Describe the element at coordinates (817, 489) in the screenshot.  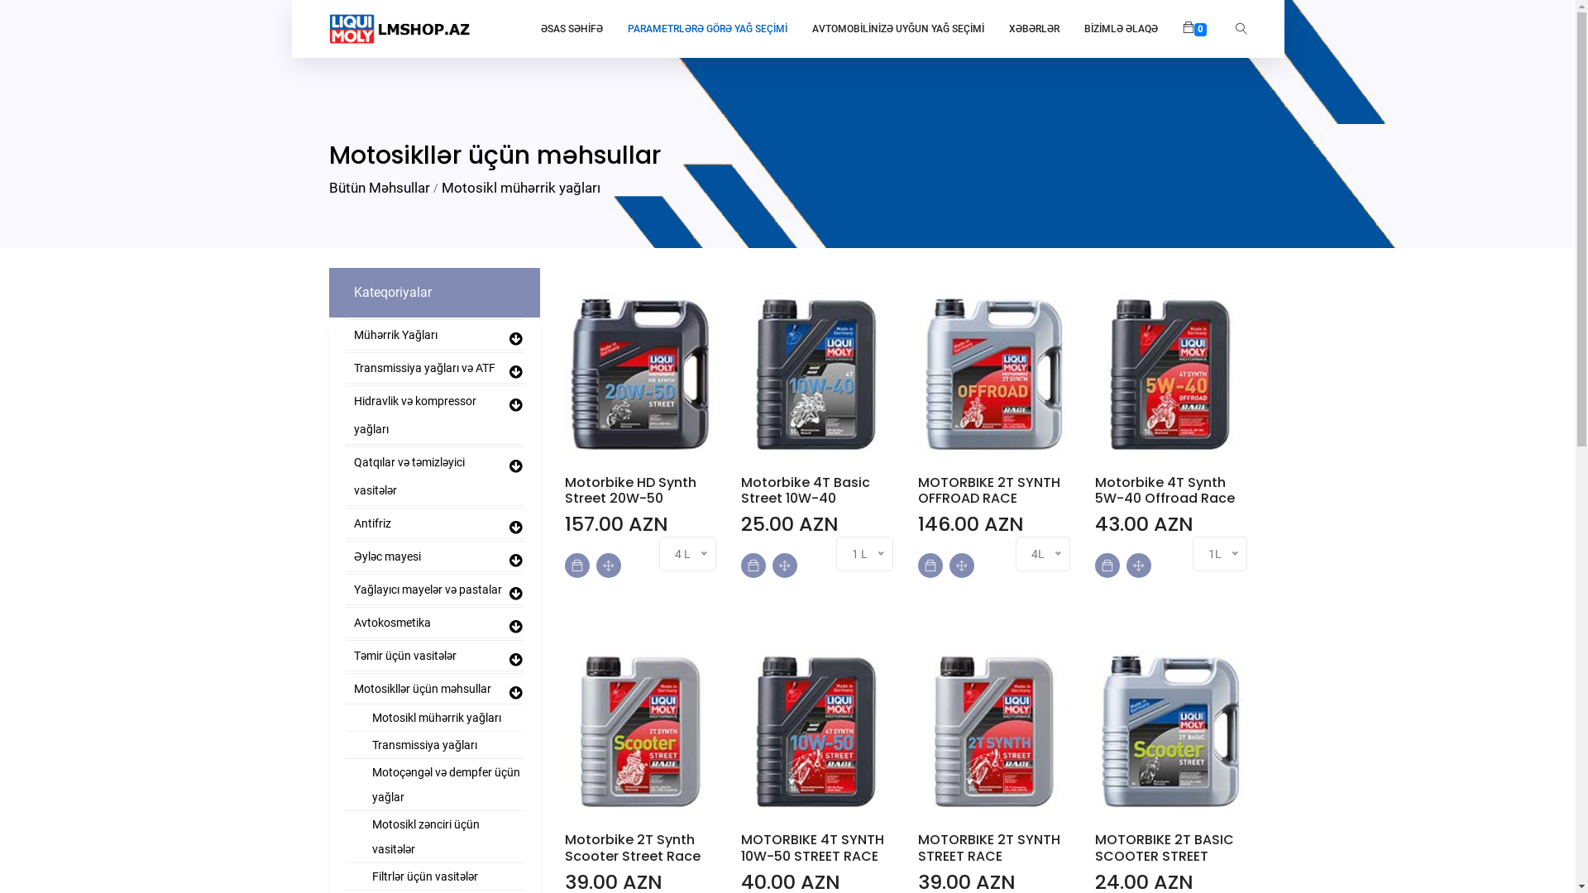
I see `'Motorbike 4T Basic Street 10W-40'` at that location.